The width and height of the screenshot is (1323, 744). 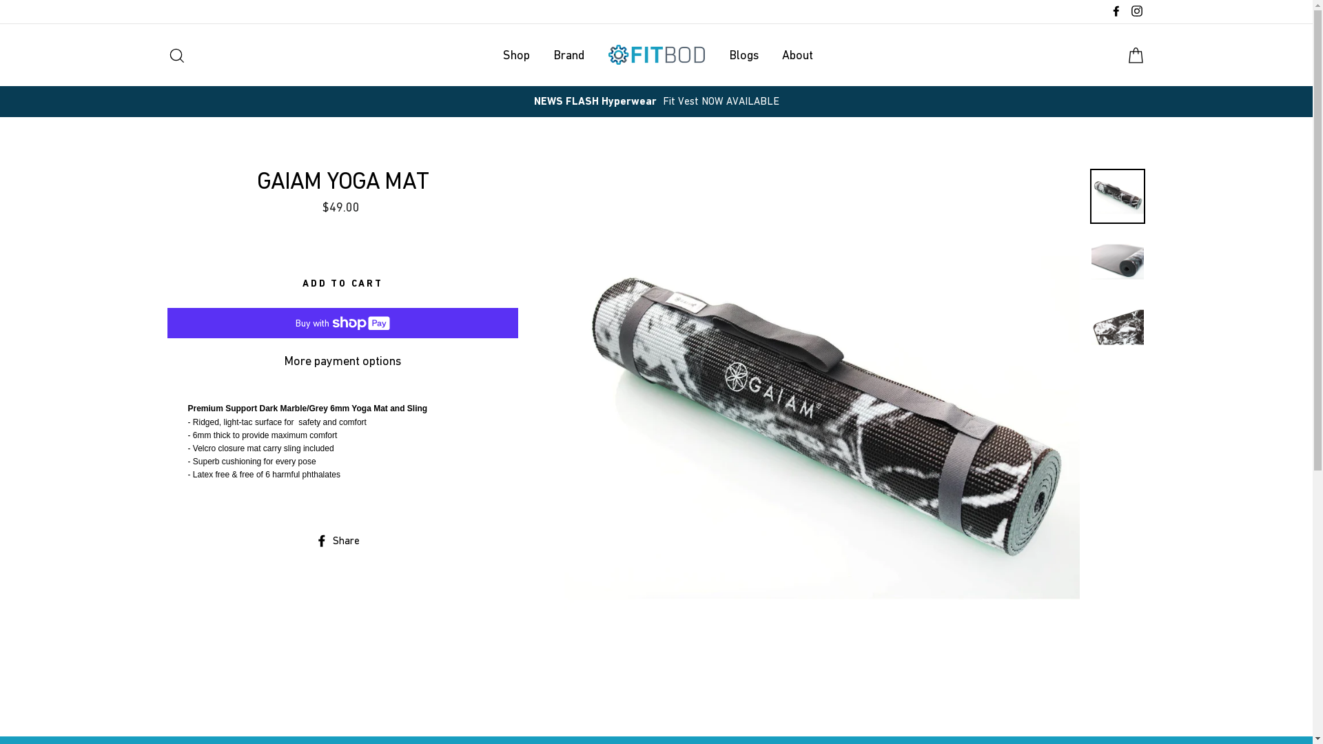 What do you see at coordinates (568, 54) in the screenshot?
I see `'Brand'` at bounding box center [568, 54].